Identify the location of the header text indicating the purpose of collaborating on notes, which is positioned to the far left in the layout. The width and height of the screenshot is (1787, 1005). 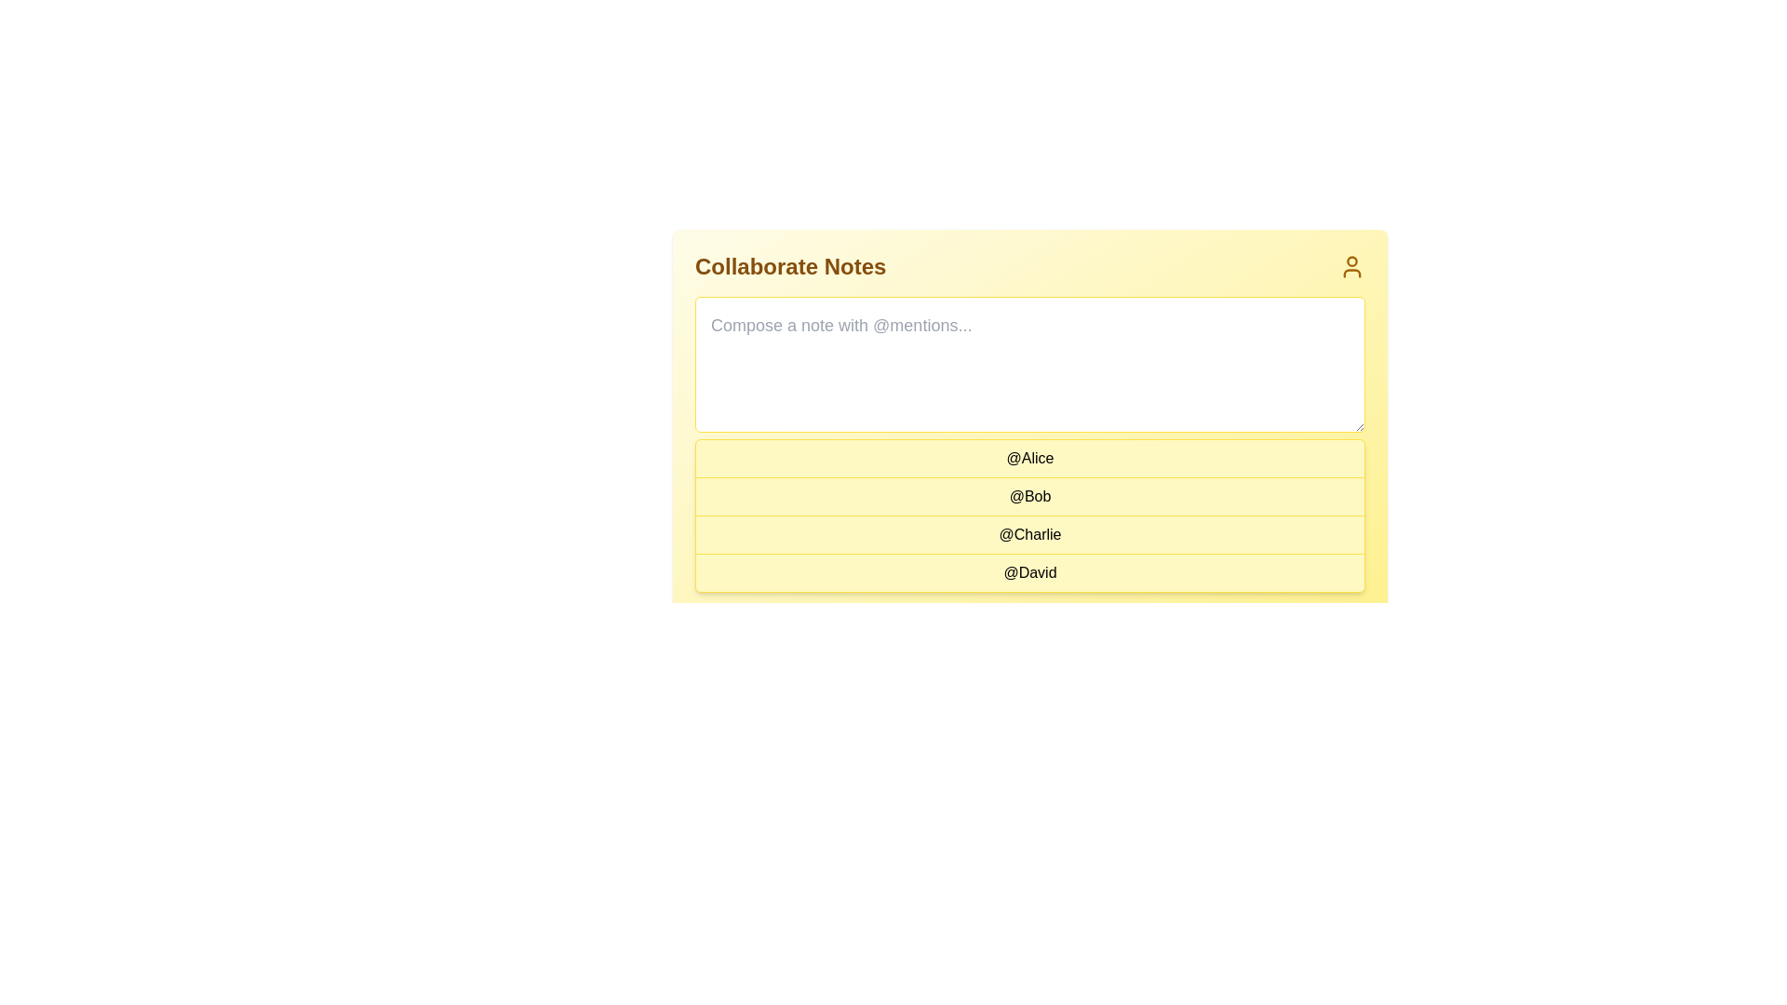
(790, 266).